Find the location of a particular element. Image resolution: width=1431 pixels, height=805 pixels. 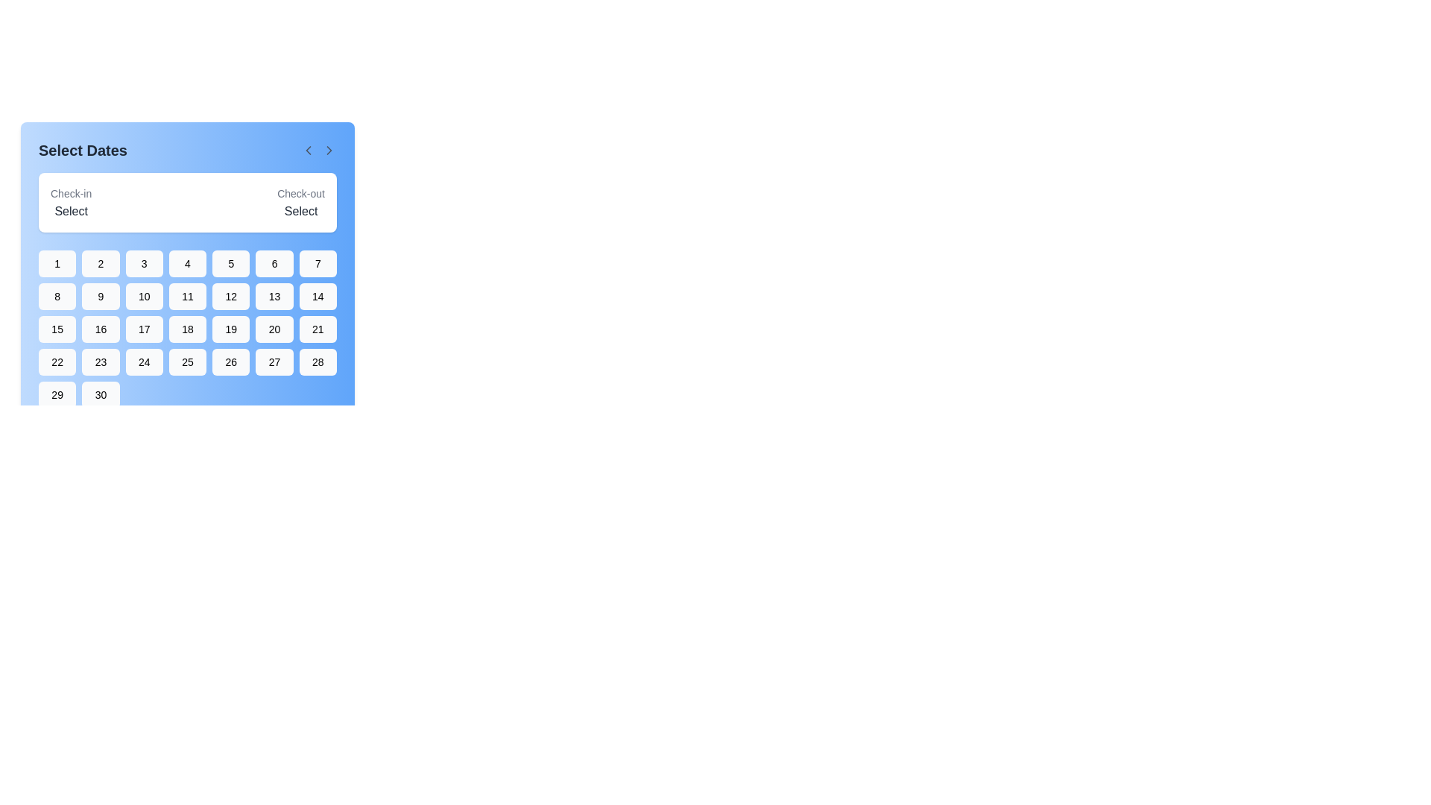

the button labeled '11' in the date picker interface is located at coordinates (186, 296).